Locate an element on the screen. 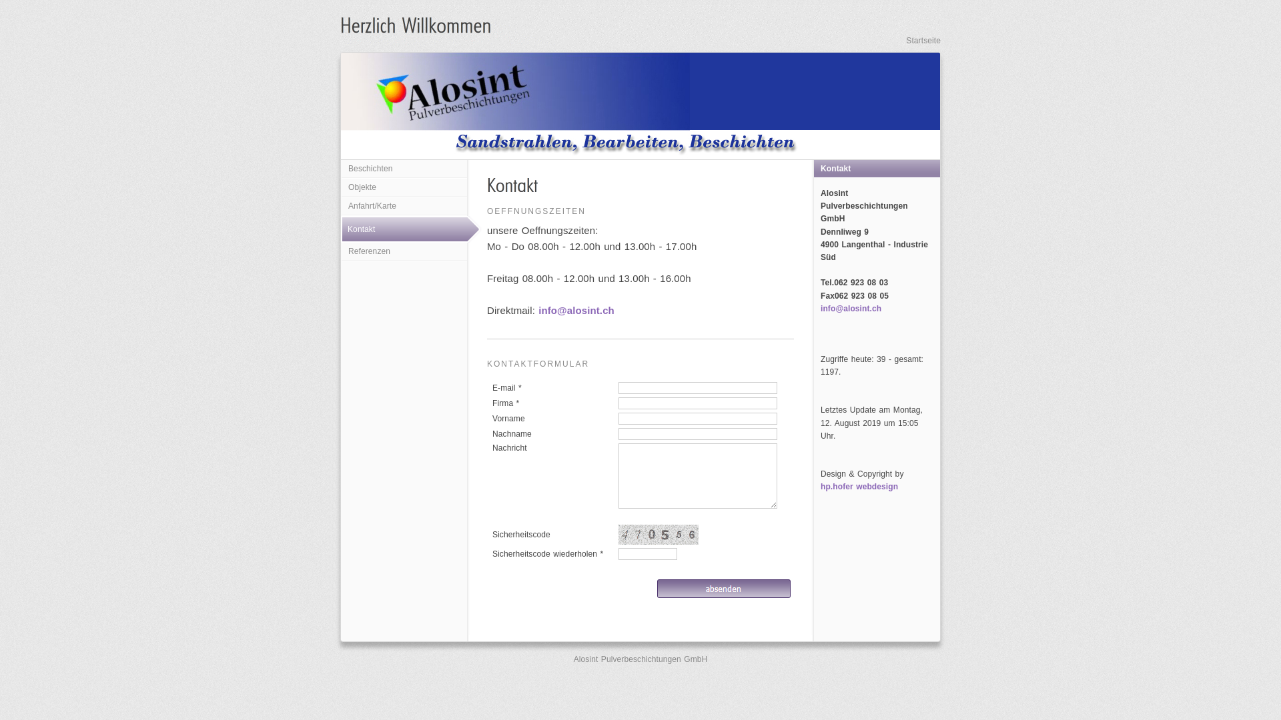 This screenshot has width=1281, height=720. 'Referenzen' is located at coordinates (403, 252).